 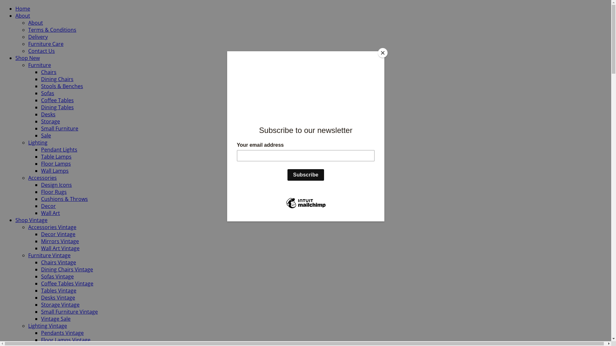 What do you see at coordinates (41, 290) in the screenshot?
I see `'Tables Vintage'` at bounding box center [41, 290].